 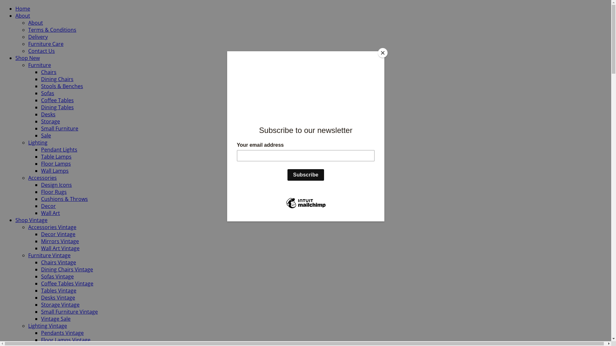 What do you see at coordinates (41, 290) in the screenshot?
I see `'Tables Vintage'` at bounding box center [41, 290].